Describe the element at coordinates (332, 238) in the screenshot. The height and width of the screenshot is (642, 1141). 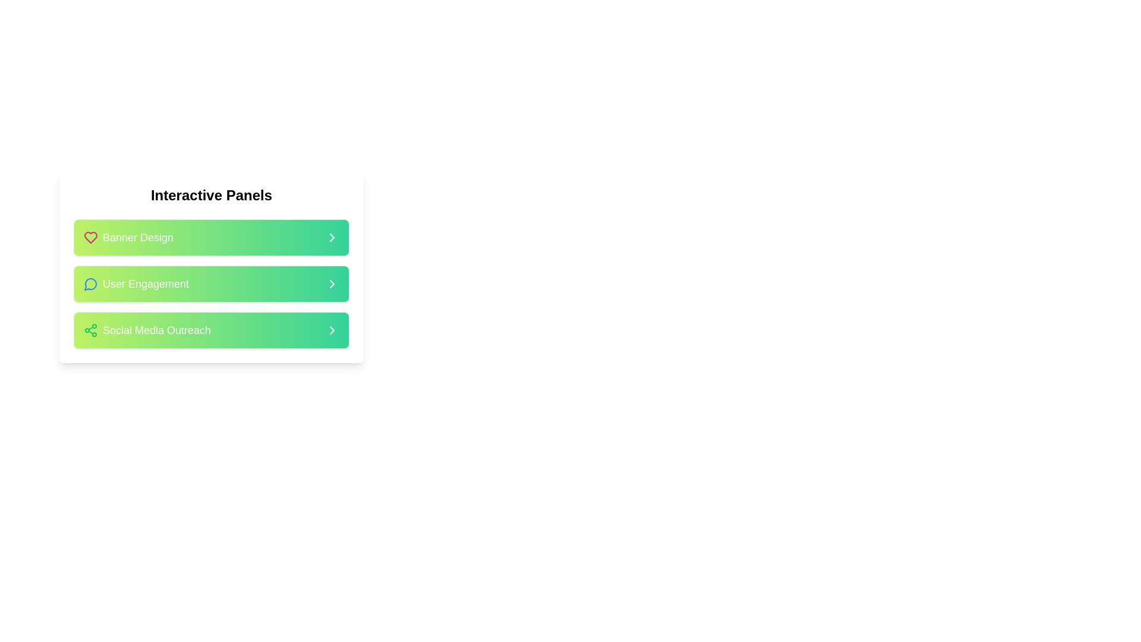
I see `the navigation icon located at the far-right of the 'Banner Design' row` at that location.